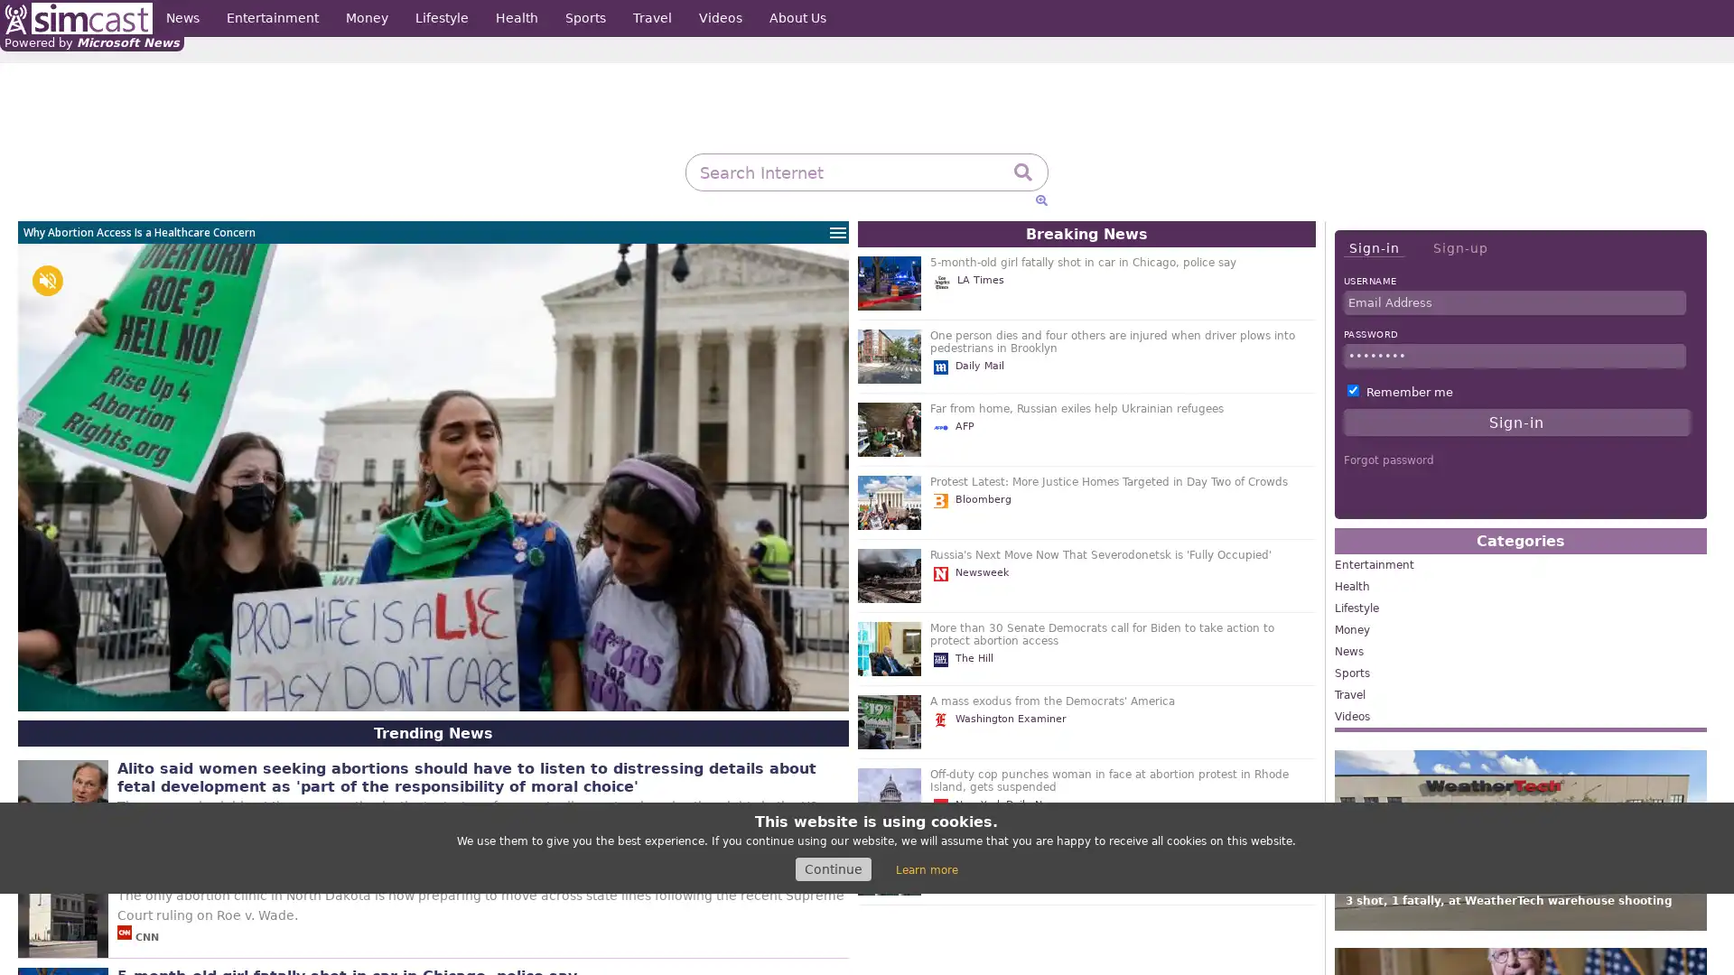 This screenshot has height=975, width=1734. I want to click on Sign-in, so click(1373, 248).